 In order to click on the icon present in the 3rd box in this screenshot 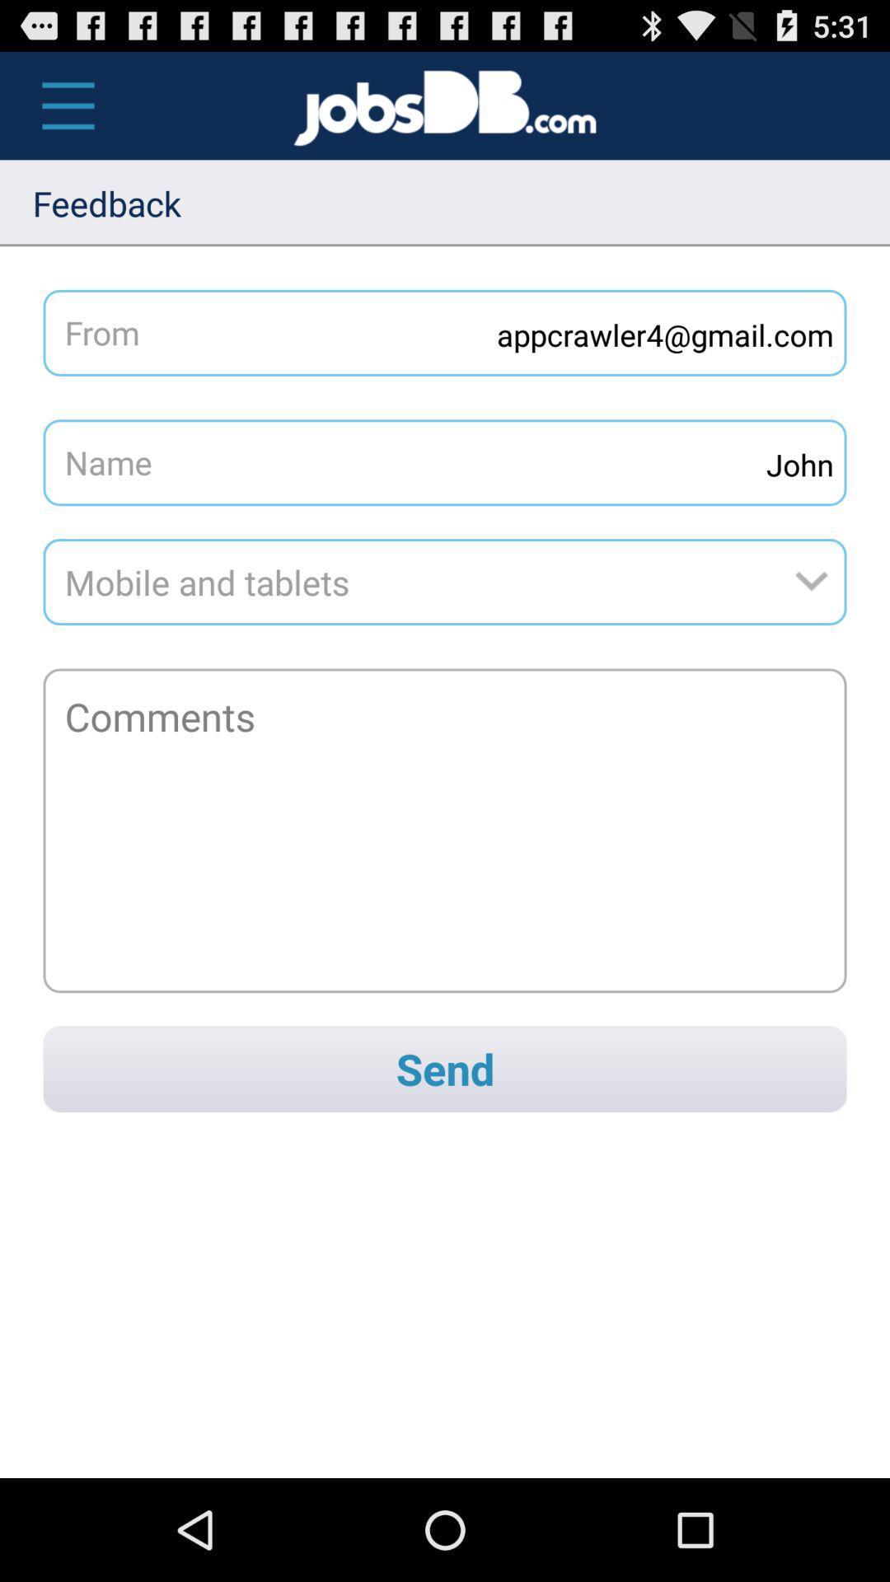, I will do `click(818, 582)`.